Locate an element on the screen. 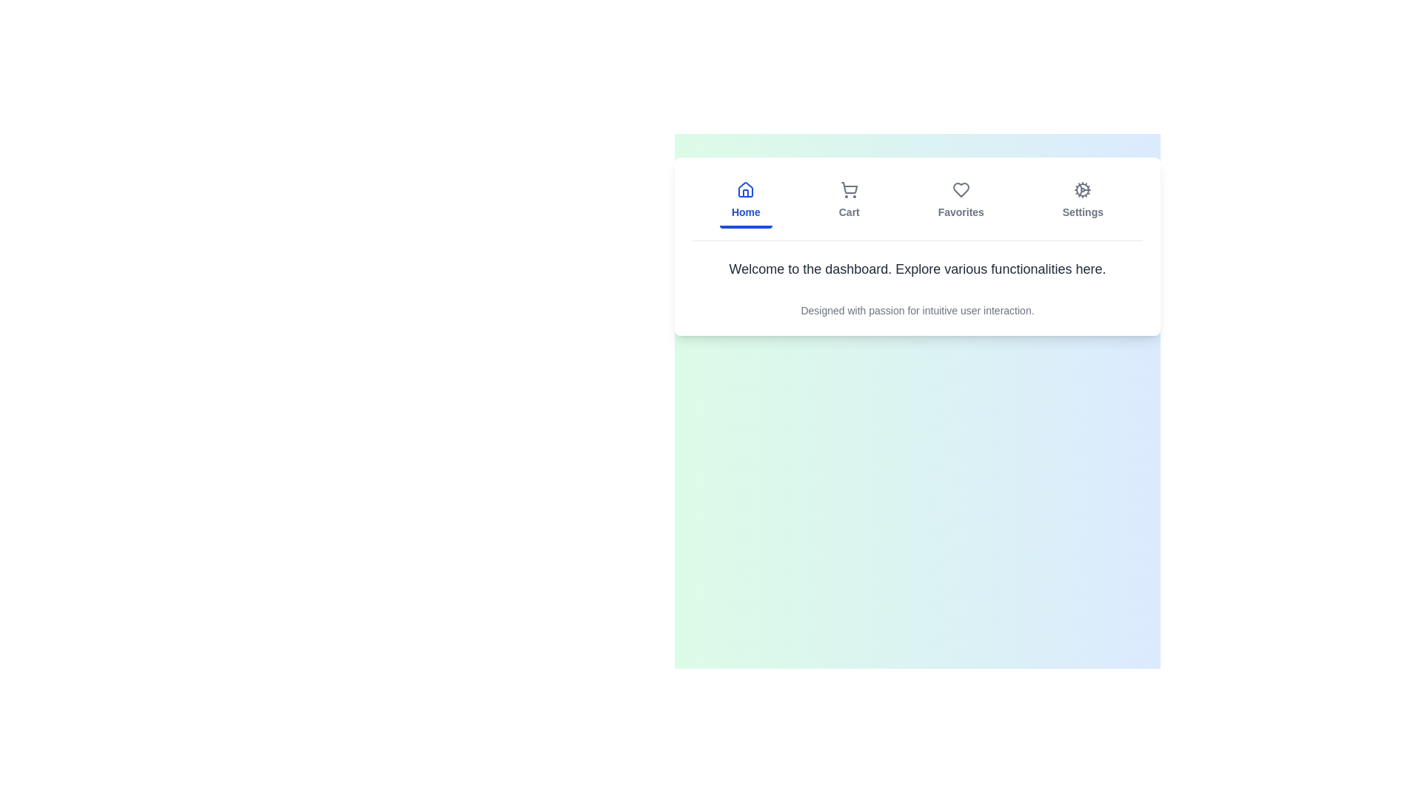  the 'Favorites' button, which is a vertically-stacked icon of a heart and the text 'Favorites' in a subdued gray color is located at coordinates (961, 202).